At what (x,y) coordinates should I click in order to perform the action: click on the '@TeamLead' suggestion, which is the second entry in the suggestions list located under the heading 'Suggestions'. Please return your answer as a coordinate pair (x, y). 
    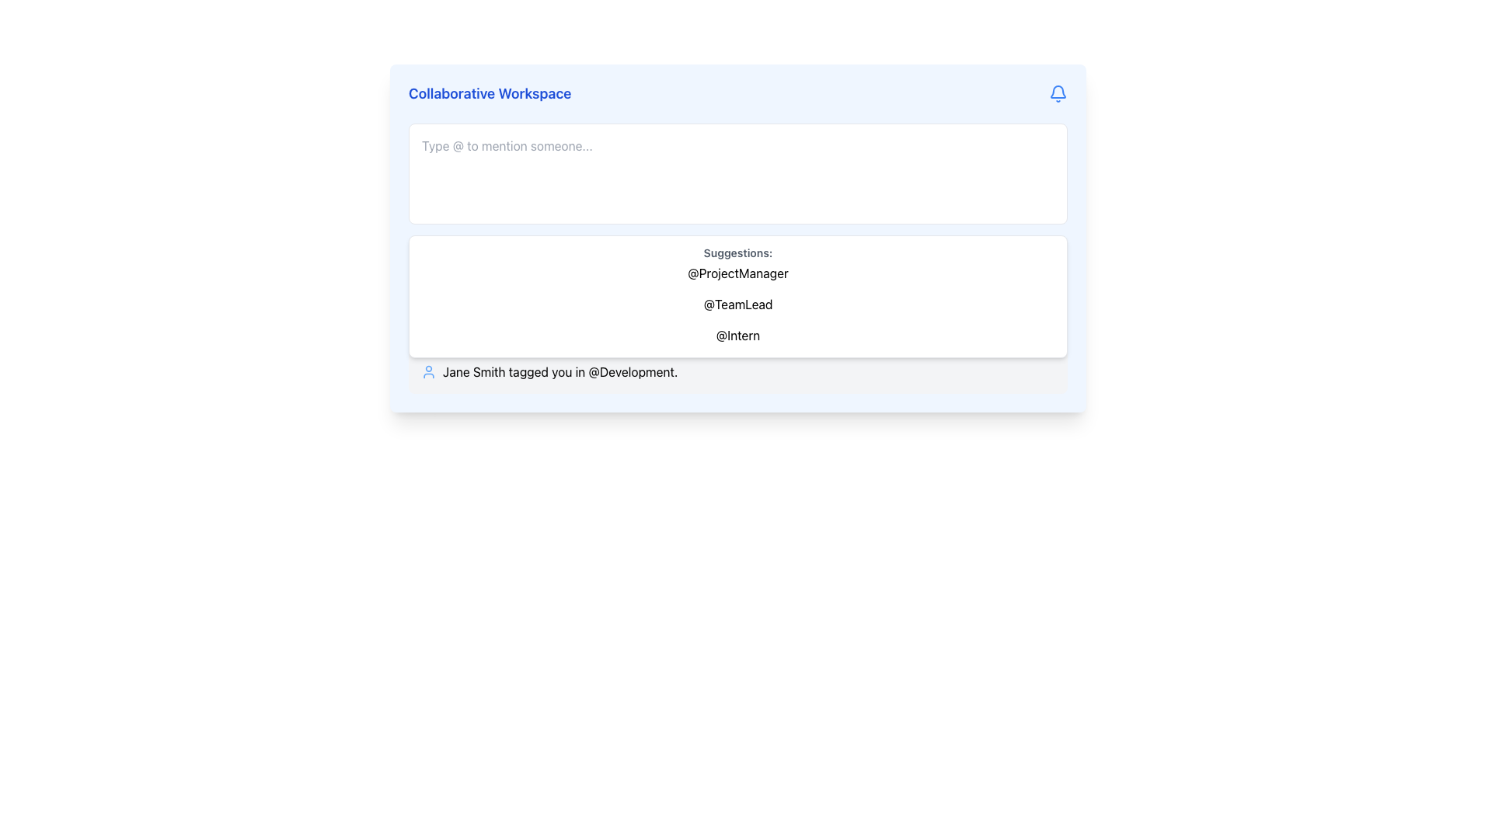
    Looking at the image, I should click on (737, 305).